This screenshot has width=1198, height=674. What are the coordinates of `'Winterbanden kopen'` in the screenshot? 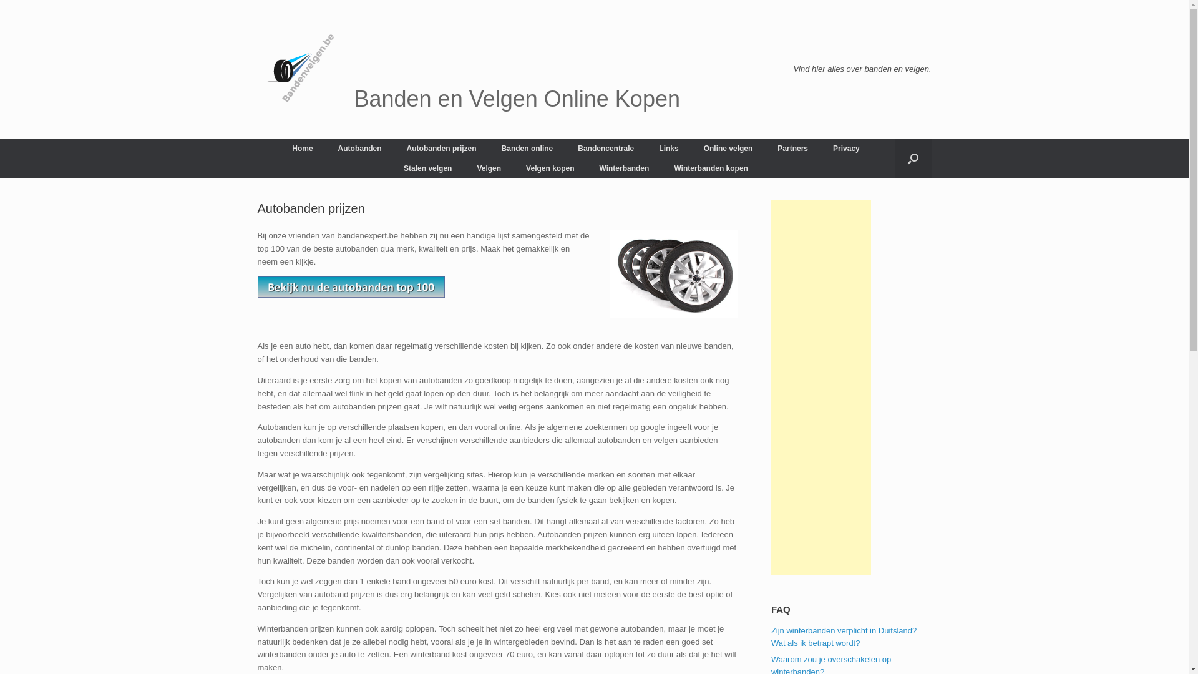 It's located at (661, 168).